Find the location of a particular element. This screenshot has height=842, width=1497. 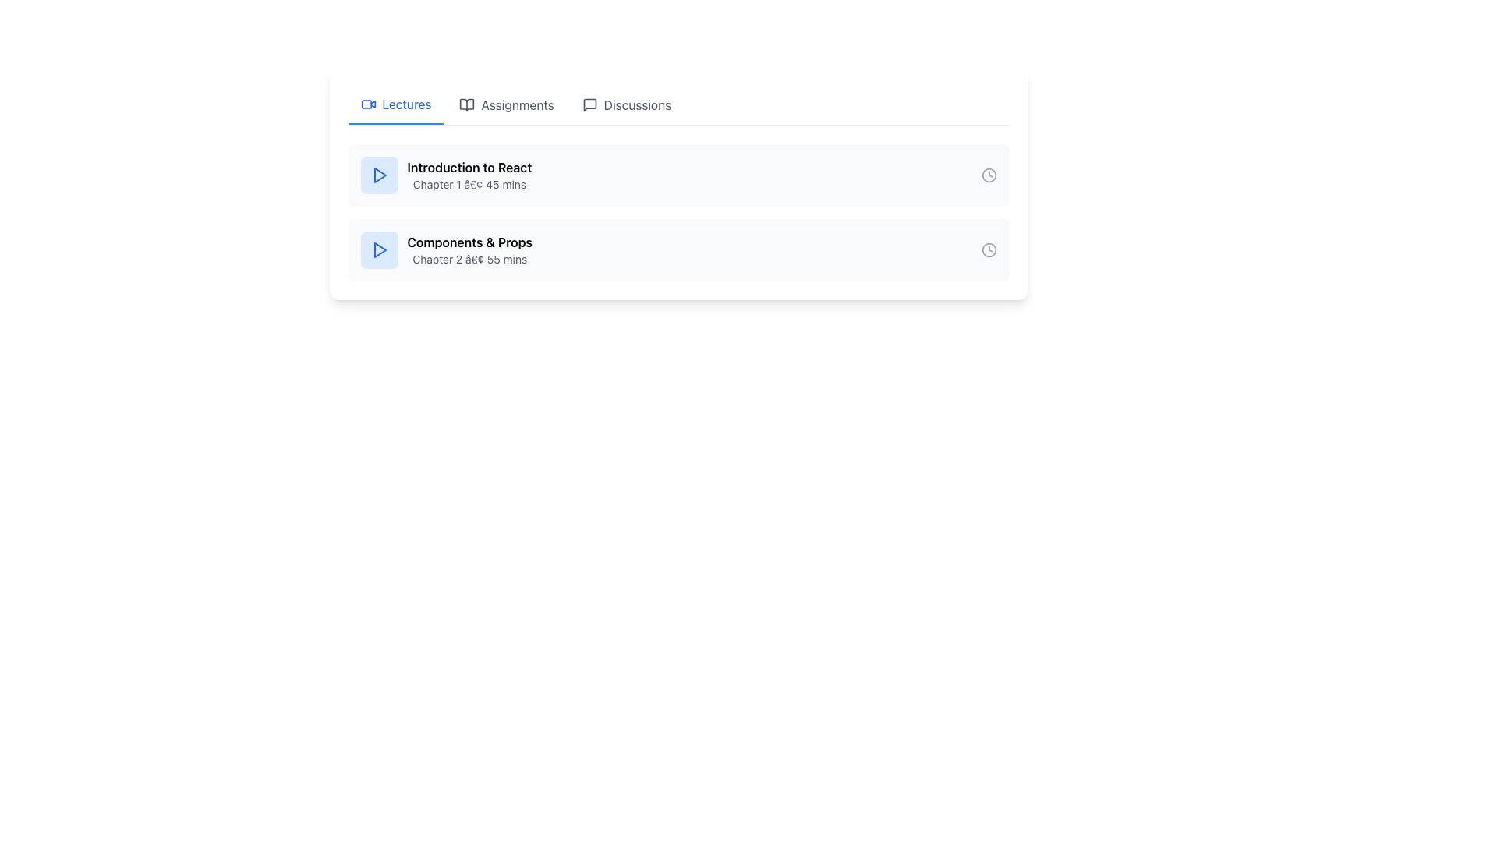

the Discussions icon in the navigation bar is located at coordinates (589, 105).